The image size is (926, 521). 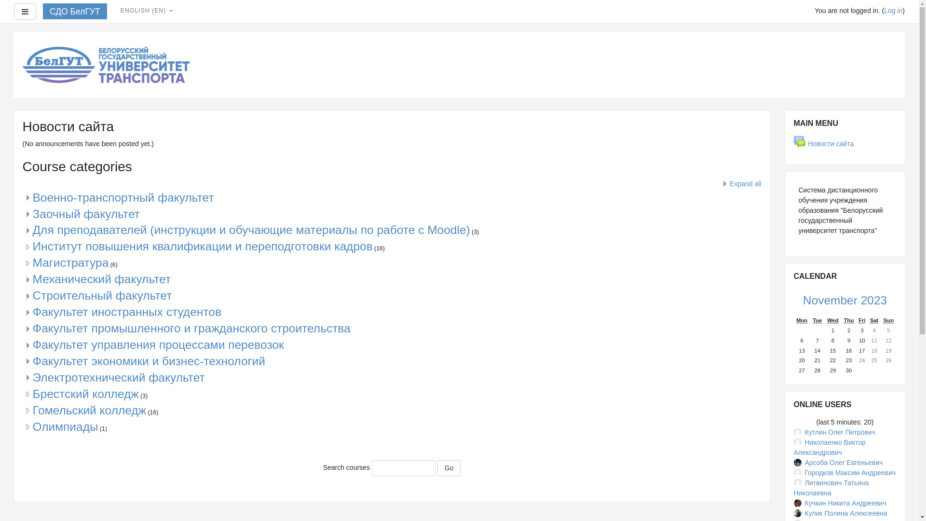 I want to click on 'Side panel', so click(x=14, y=11).